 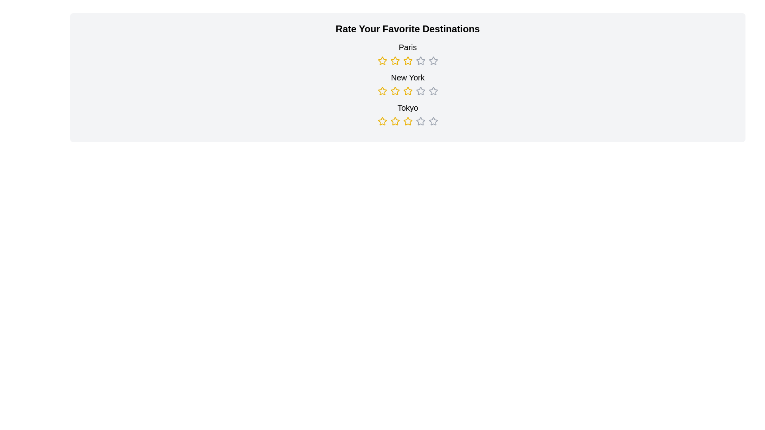 What do you see at coordinates (382, 121) in the screenshot?
I see `the first yellow star icon in the five-star rating widget aligned with the 'Tokyo' label to interact with it` at bounding box center [382, 121].